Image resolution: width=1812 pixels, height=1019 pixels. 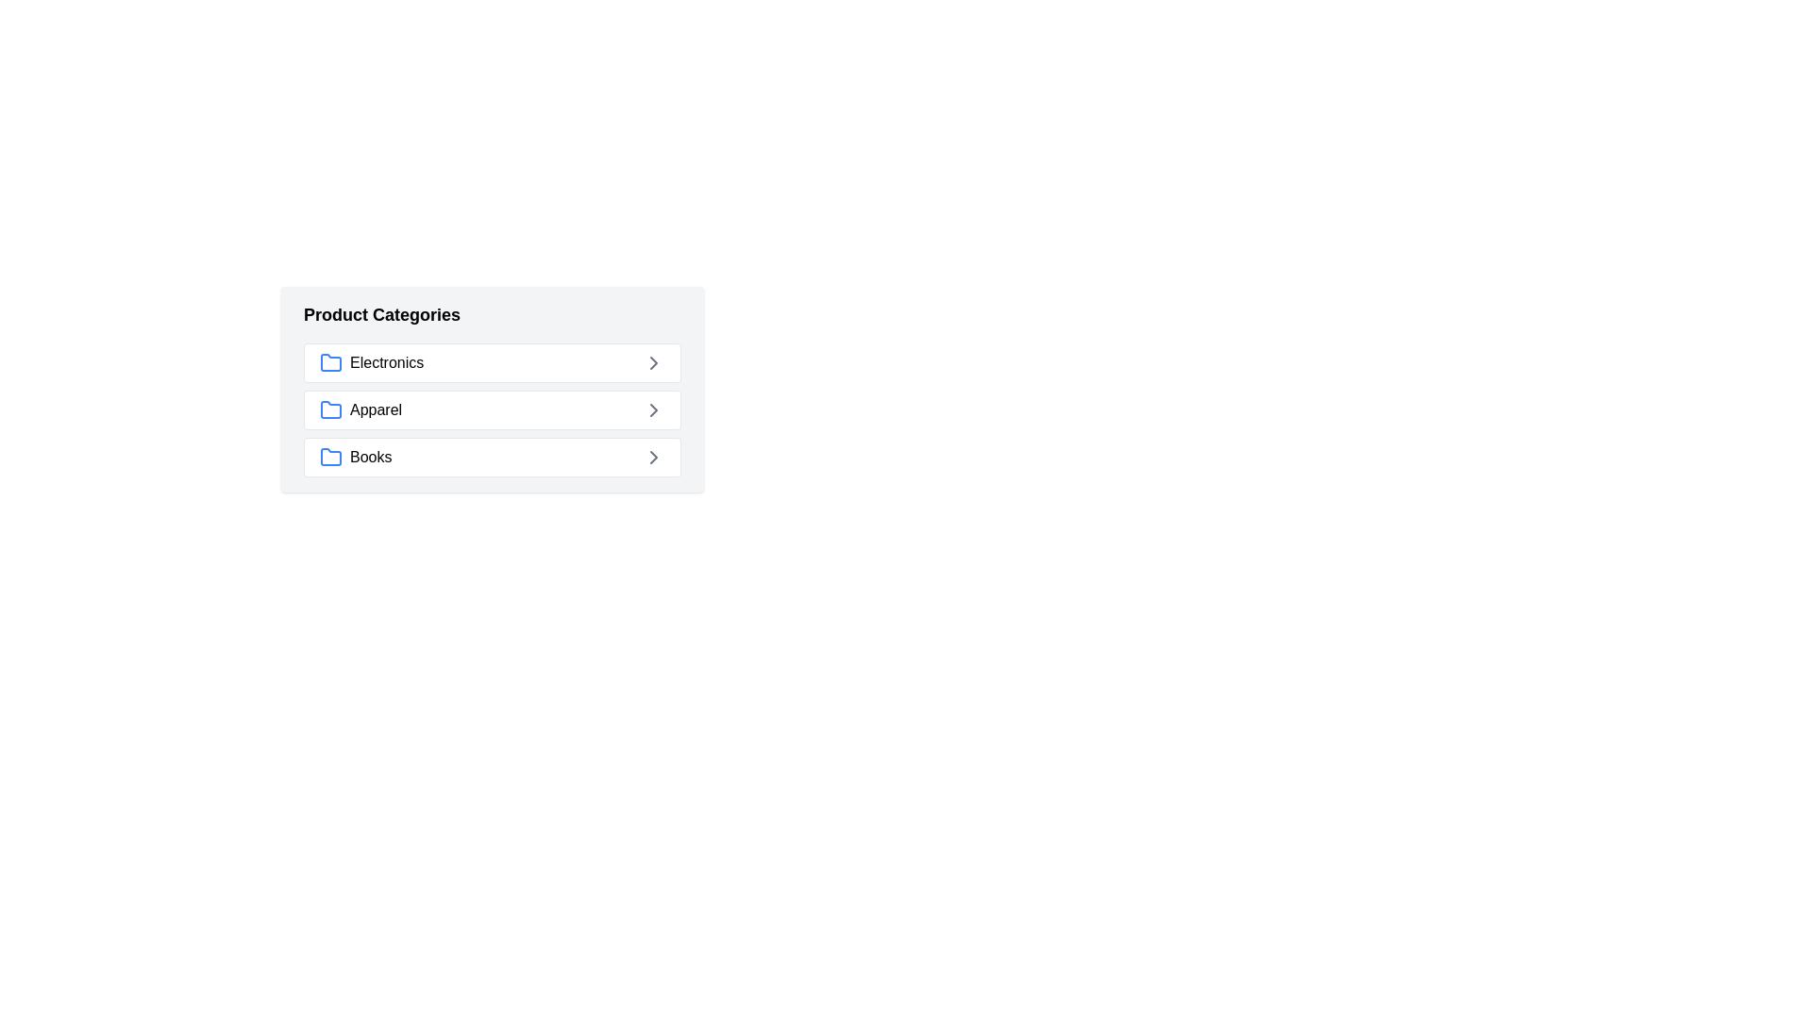 I want to click on the blue folder icon on the left of the 'Books' label in the selectable list item, so click(x=356, y=458).